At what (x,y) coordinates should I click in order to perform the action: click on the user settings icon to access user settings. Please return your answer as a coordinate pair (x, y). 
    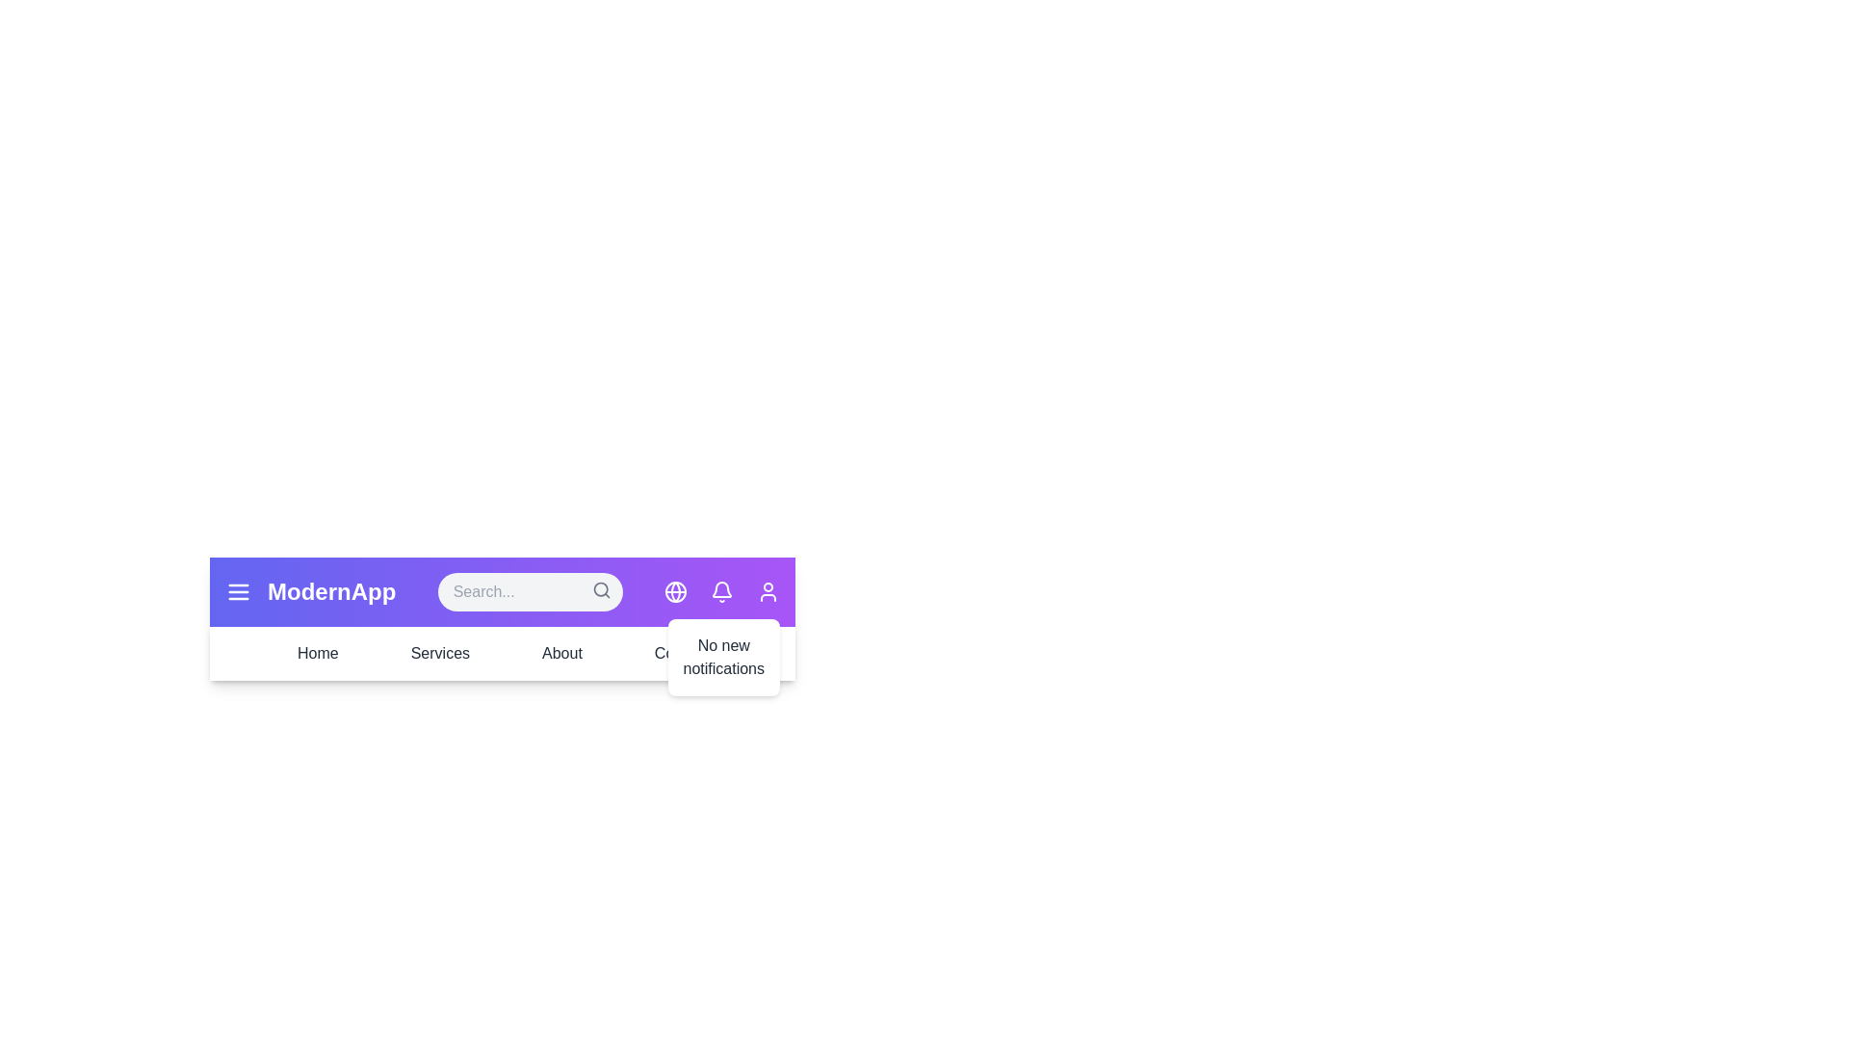
    Looking at the image, I should click on (767, 590).